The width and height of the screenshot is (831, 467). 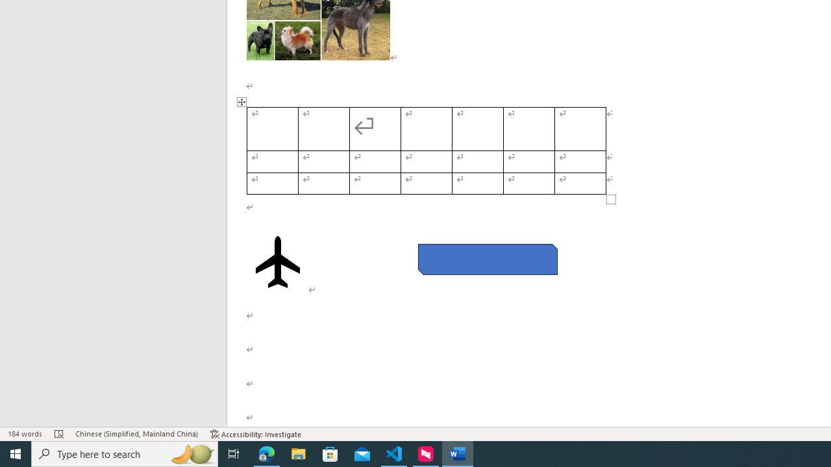 What do you see at coordinates (25, 434) in the screenshot?
I see `'Word Count 184 words'` at bounding box center [25, 434].